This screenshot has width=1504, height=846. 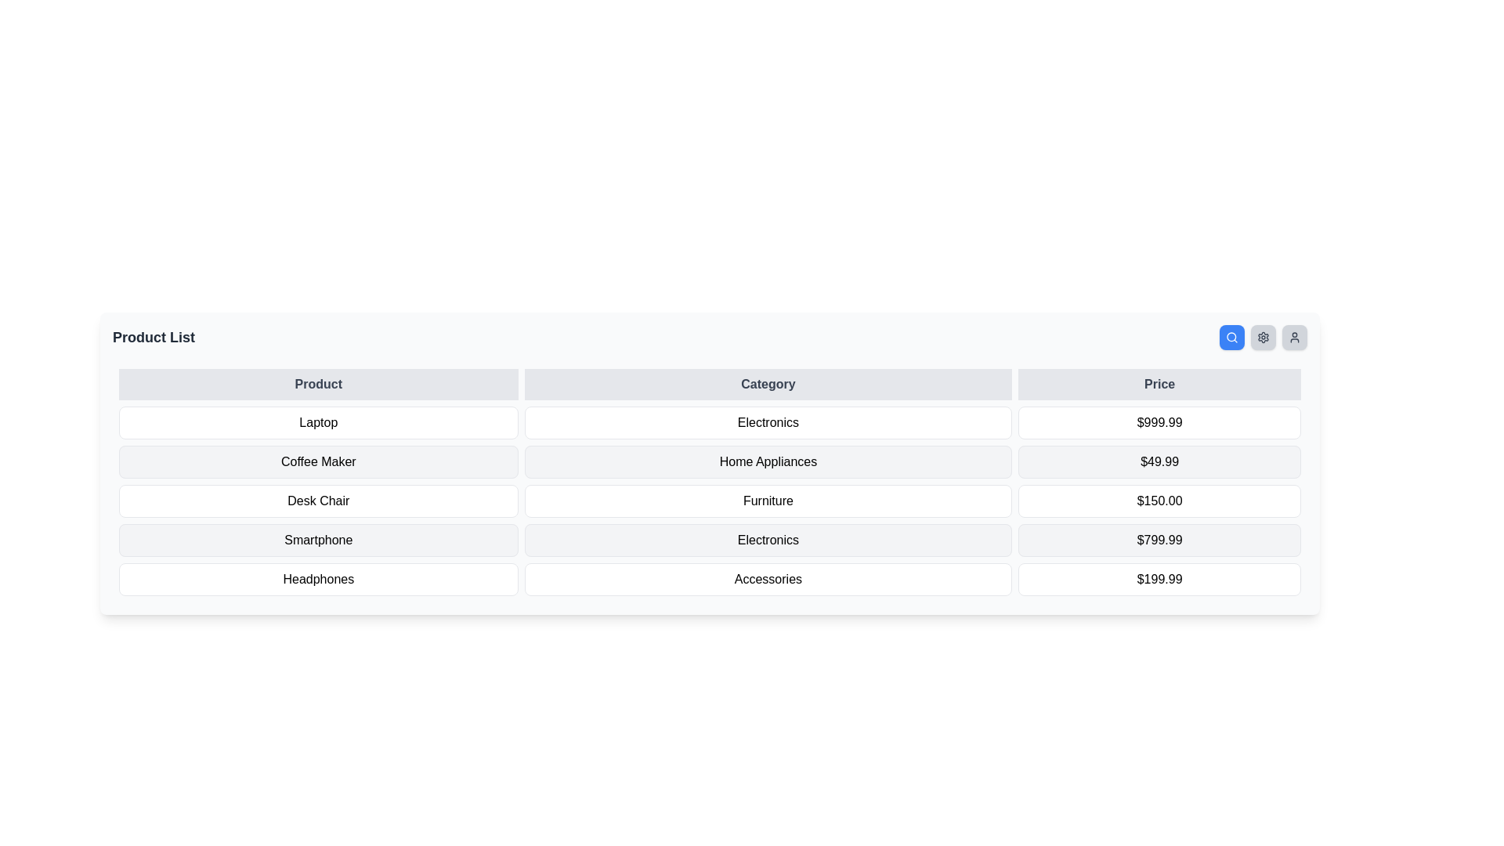 I want to click on the circular lens of the search icon located at the top-right corner of the interface, immediately left of the settings icon, so click(x=1231, y=336).